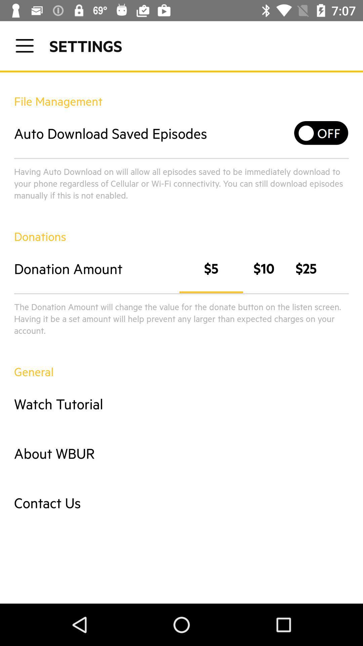  Describe the element at coordinates (253, 268) in the screenshot. I see `the option on right to the text donation amount on the web page` at that location.